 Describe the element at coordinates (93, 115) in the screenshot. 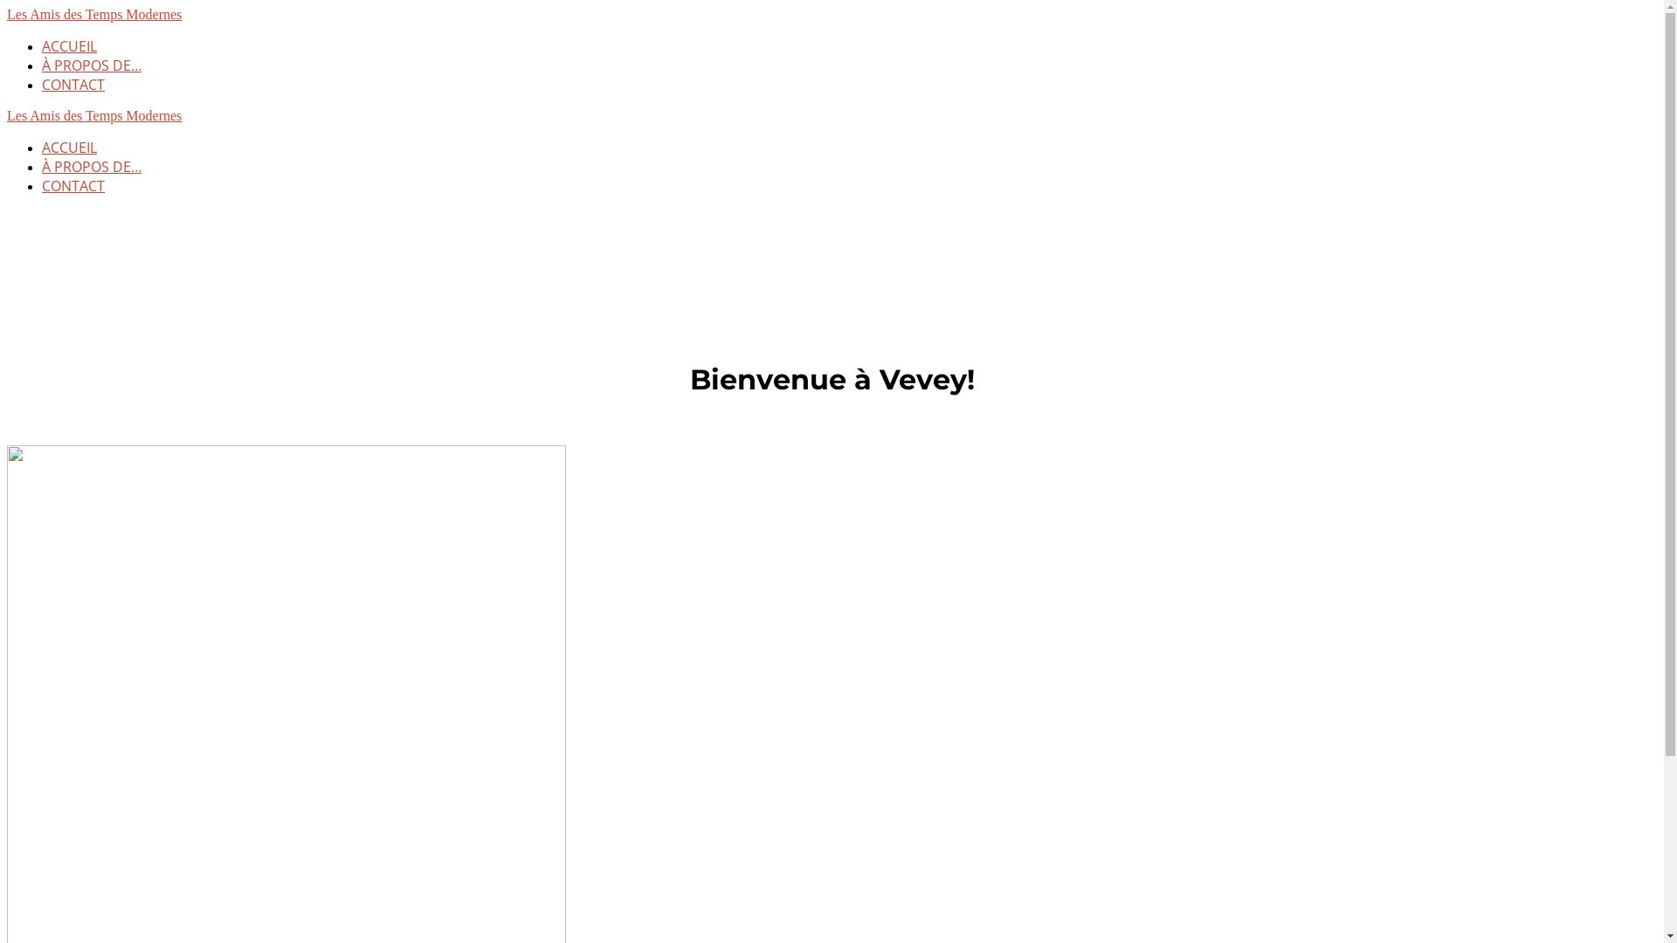

I see `'Les Amis des Temps Modernes'` at that location.